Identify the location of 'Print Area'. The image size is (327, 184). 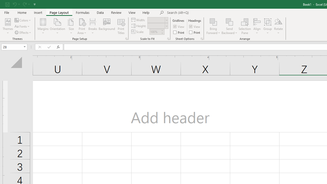
(82, 26).